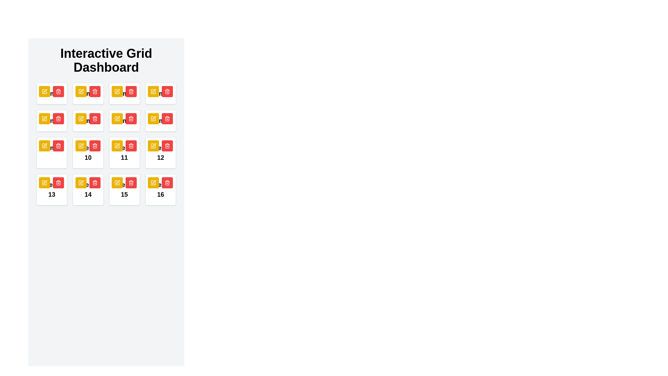 The image size is (668, 376). I want to click on the edit button SVG Icon located in the first row and first column of the grid layout, positioned to the left of the delete button, so click(44, 91).